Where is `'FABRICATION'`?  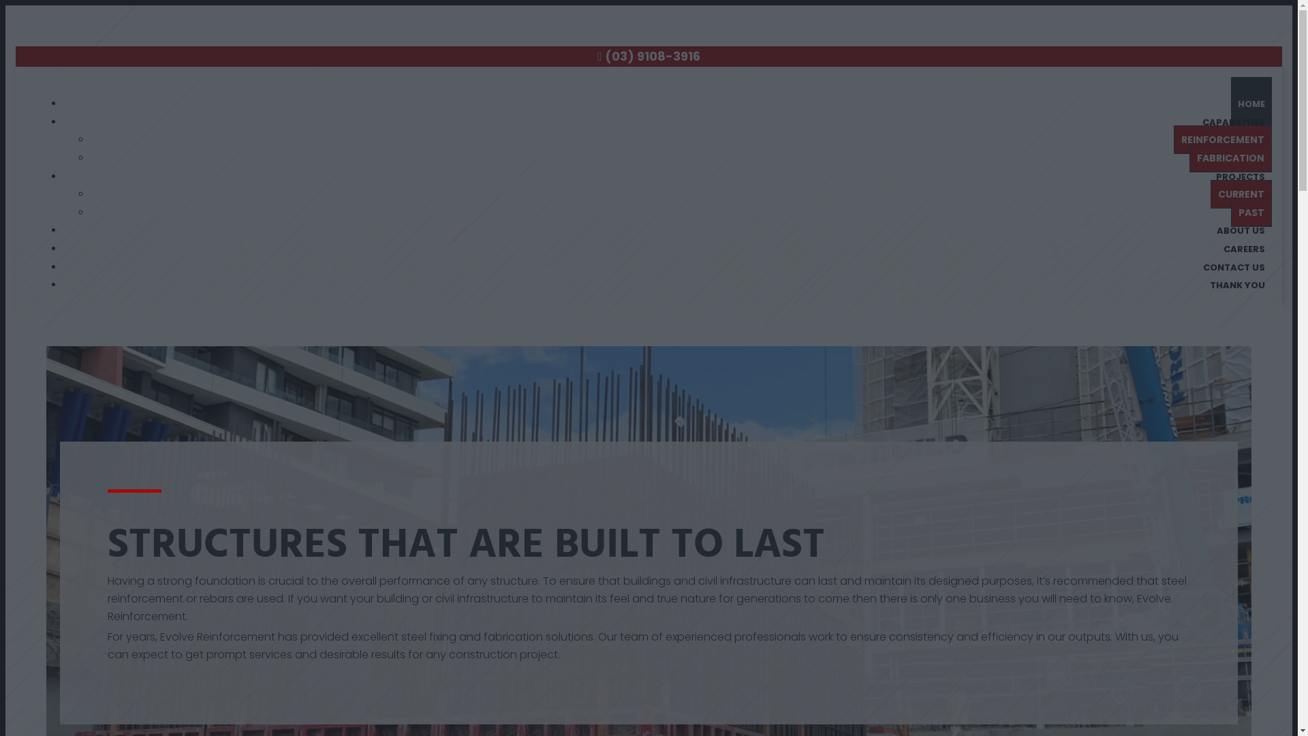
'FABRICATION' is located at coordinates (1230, 157).